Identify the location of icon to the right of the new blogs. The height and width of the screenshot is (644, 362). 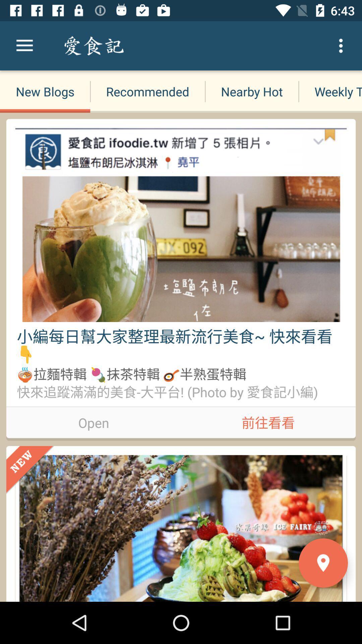
(147, 91).